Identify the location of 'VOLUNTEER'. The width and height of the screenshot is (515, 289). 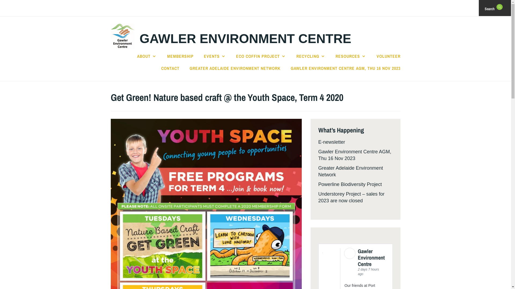
(388, 56).